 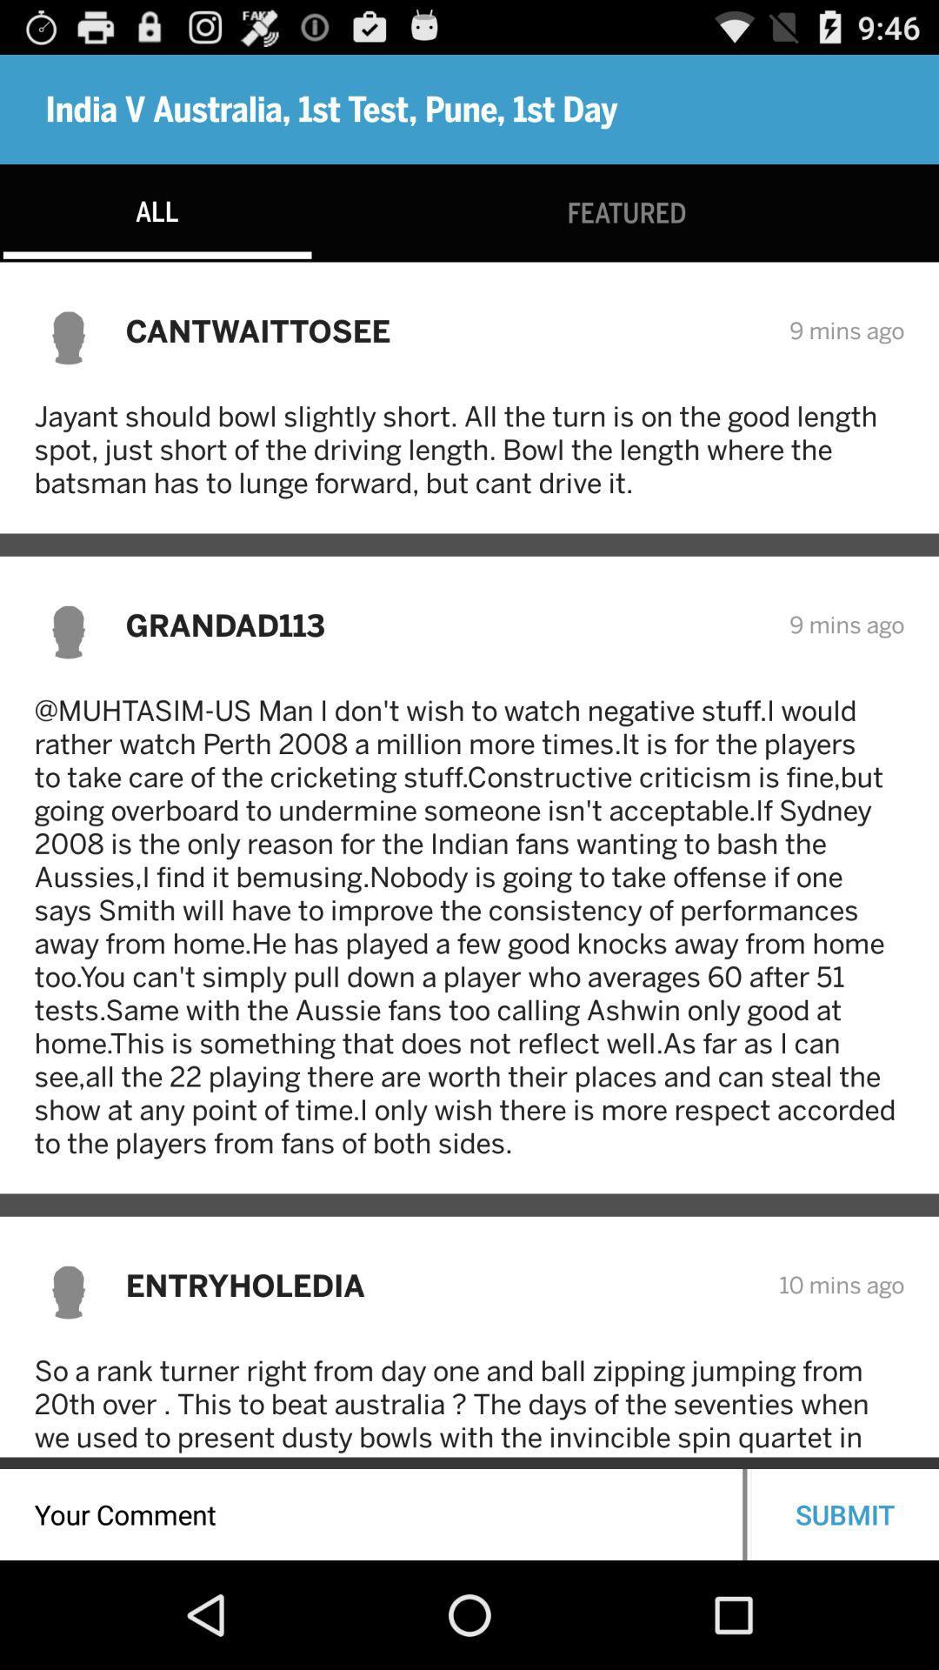 I want to click on submit icon, so click(x=844, y=1513).